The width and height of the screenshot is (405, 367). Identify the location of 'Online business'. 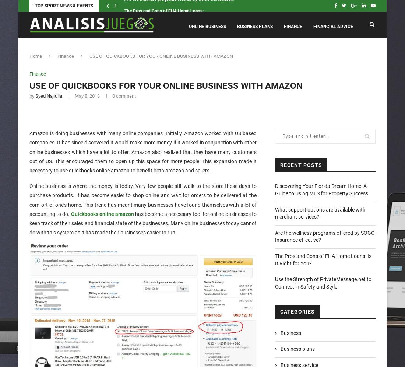
(207, 26).